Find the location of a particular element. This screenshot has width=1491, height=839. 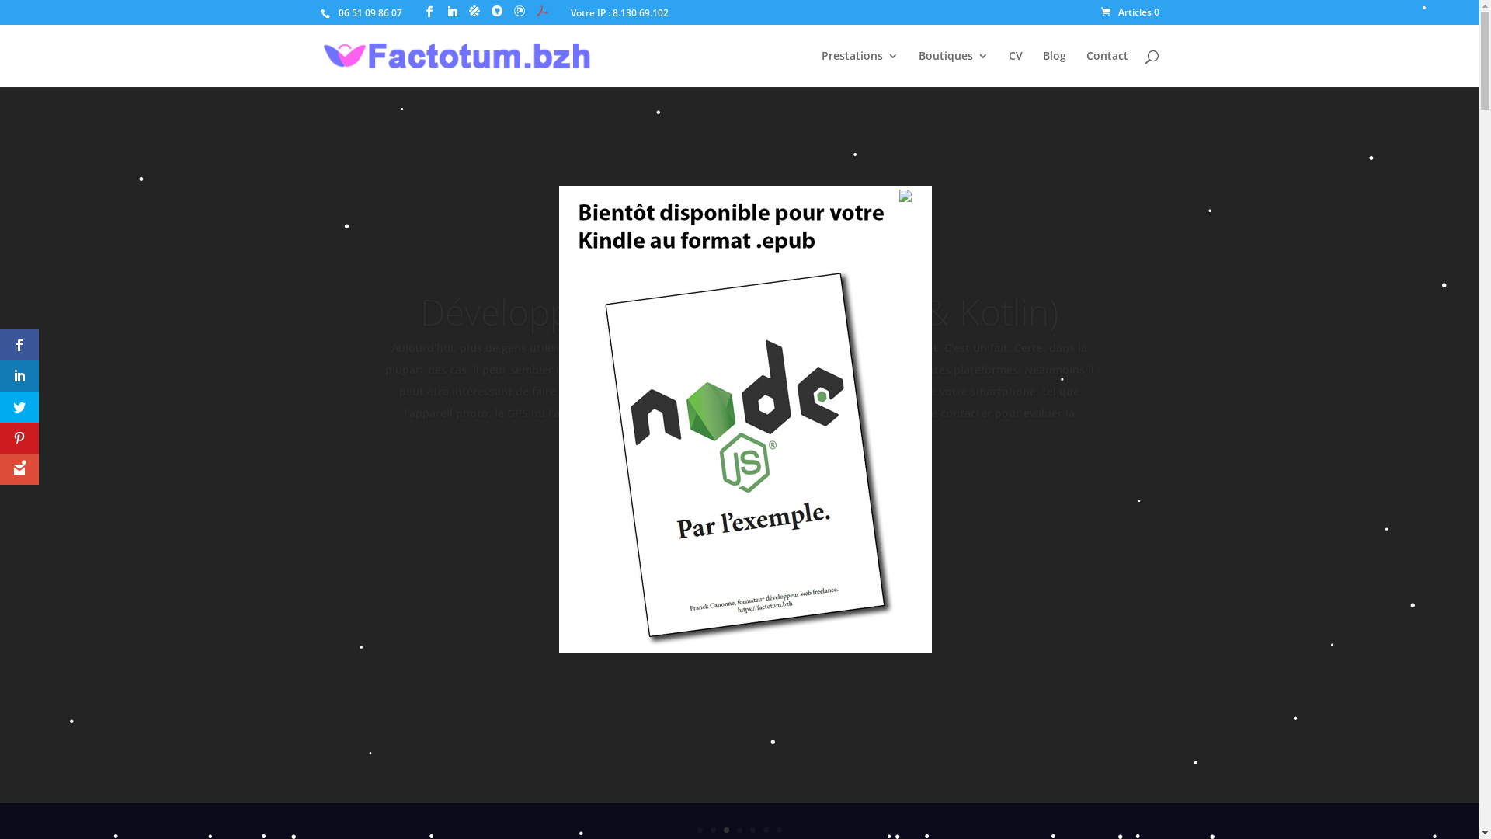

'7' is located at coordinates (779, 829).